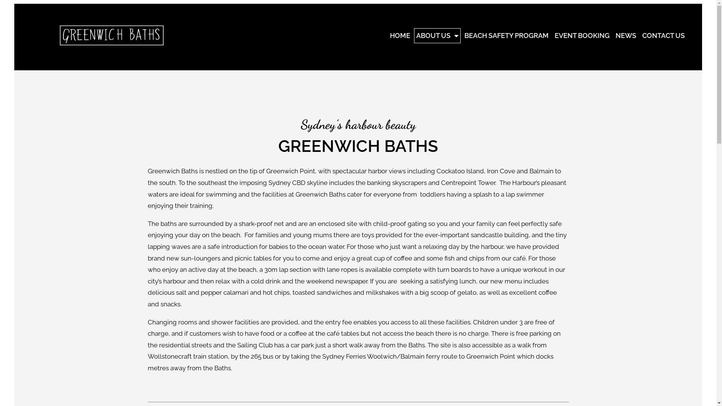 The width and height of the screenshot is (722, 406). Describe the element at coordinates (461, 36) in the screenshot. I see `'BEACH SAFETY PROGRAM'` at that location.